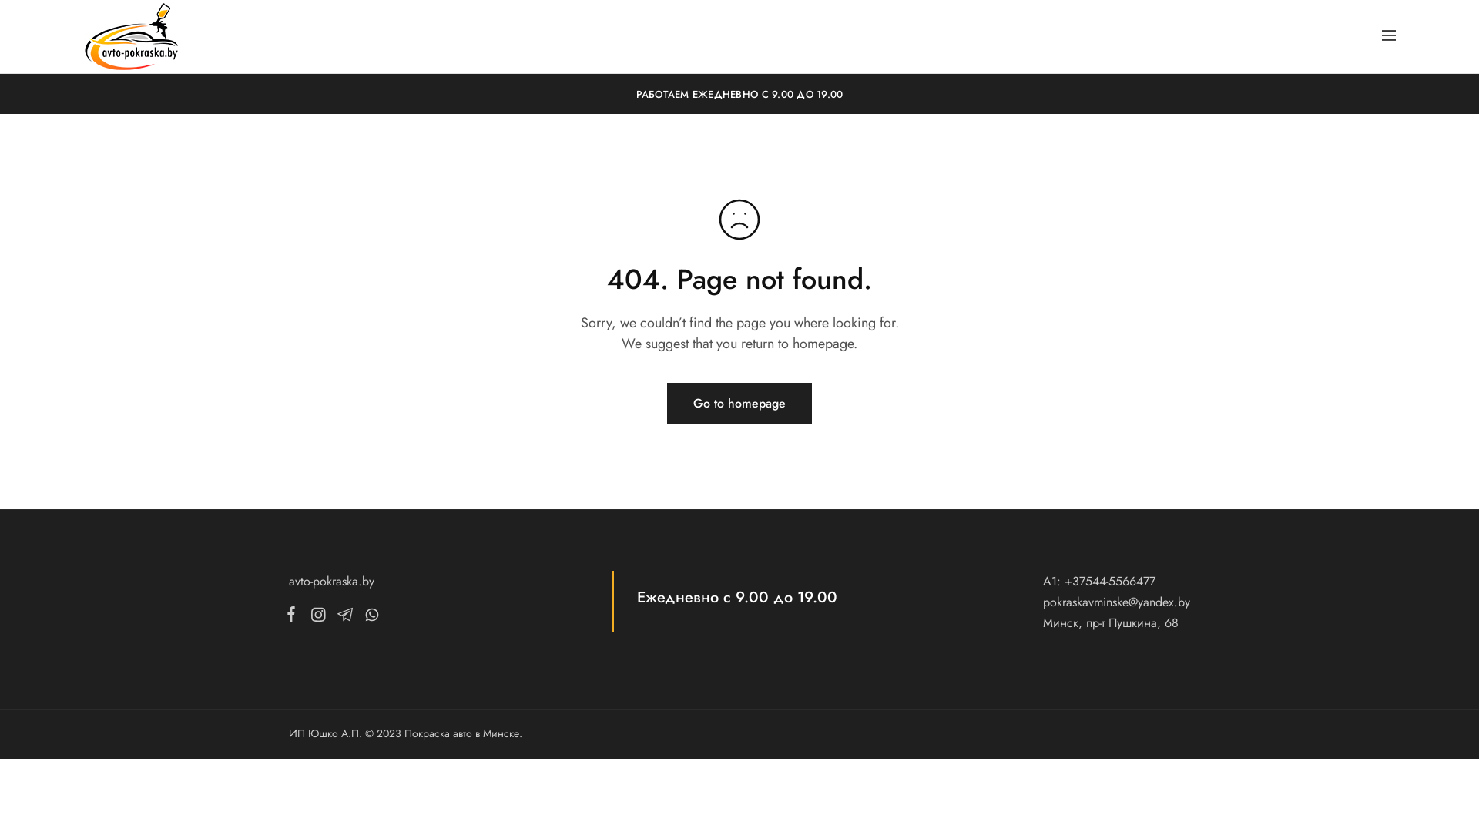 This screenshot has height=832, width=1479. Describe the element at coordinates (317, 617) in the screenshot. I see `'Instagram'` at that location.